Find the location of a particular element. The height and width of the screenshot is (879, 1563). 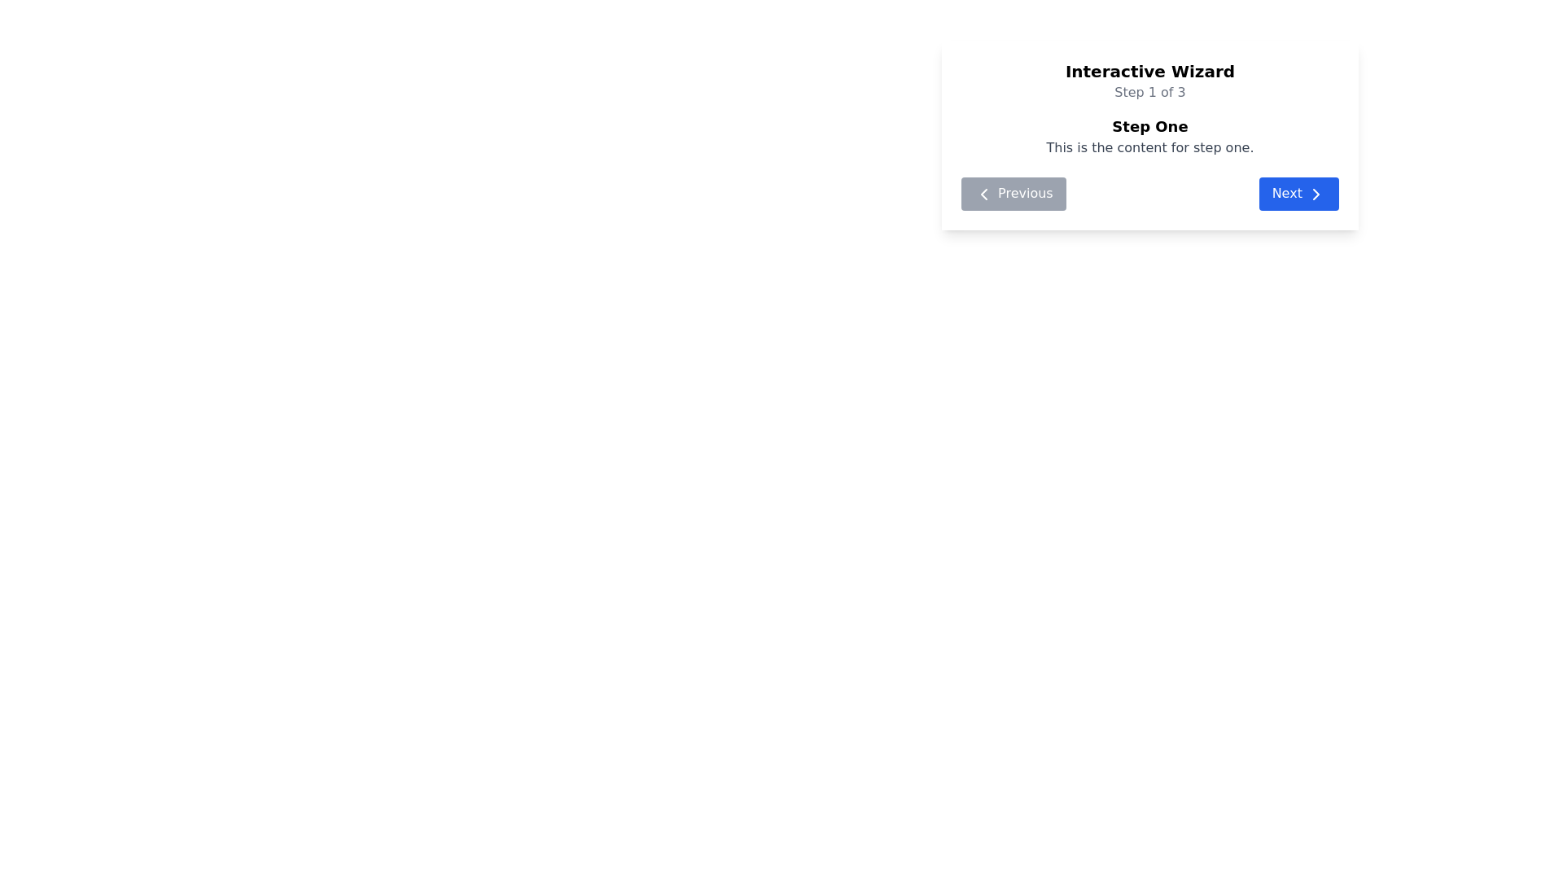

the chevron icon located to the left of the text 'Previous' within the 'Previous' button is located at coordinates (983, 193).